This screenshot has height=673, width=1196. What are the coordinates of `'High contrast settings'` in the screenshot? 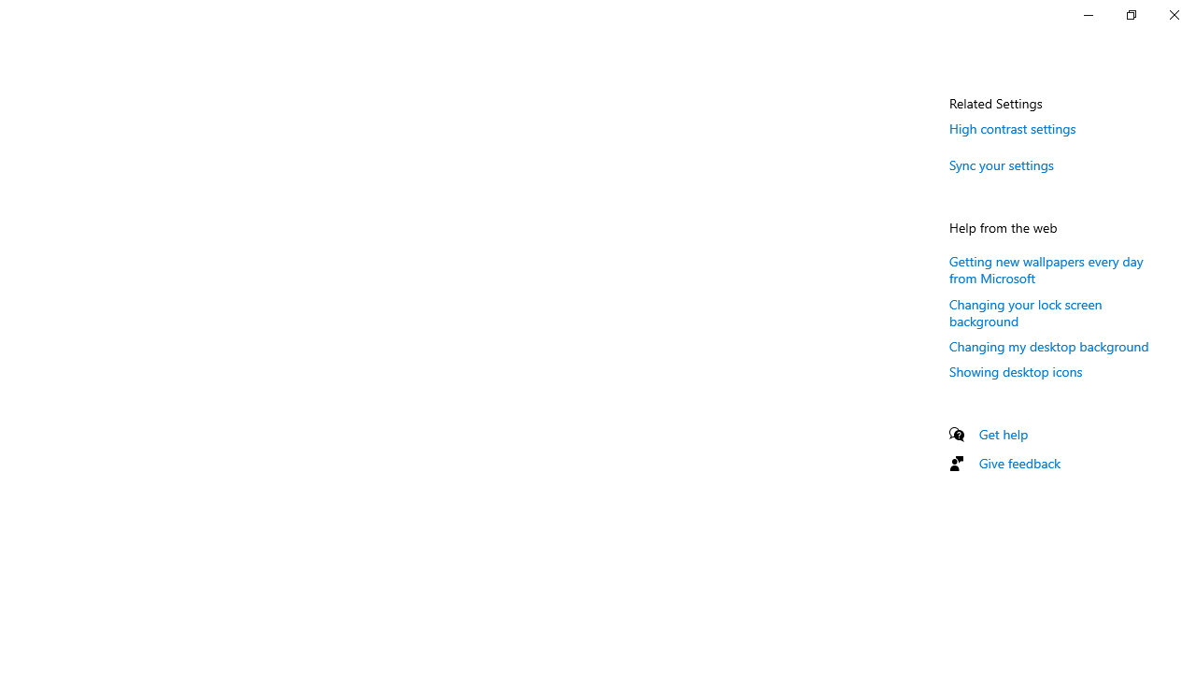 It's located at (1012, 127).